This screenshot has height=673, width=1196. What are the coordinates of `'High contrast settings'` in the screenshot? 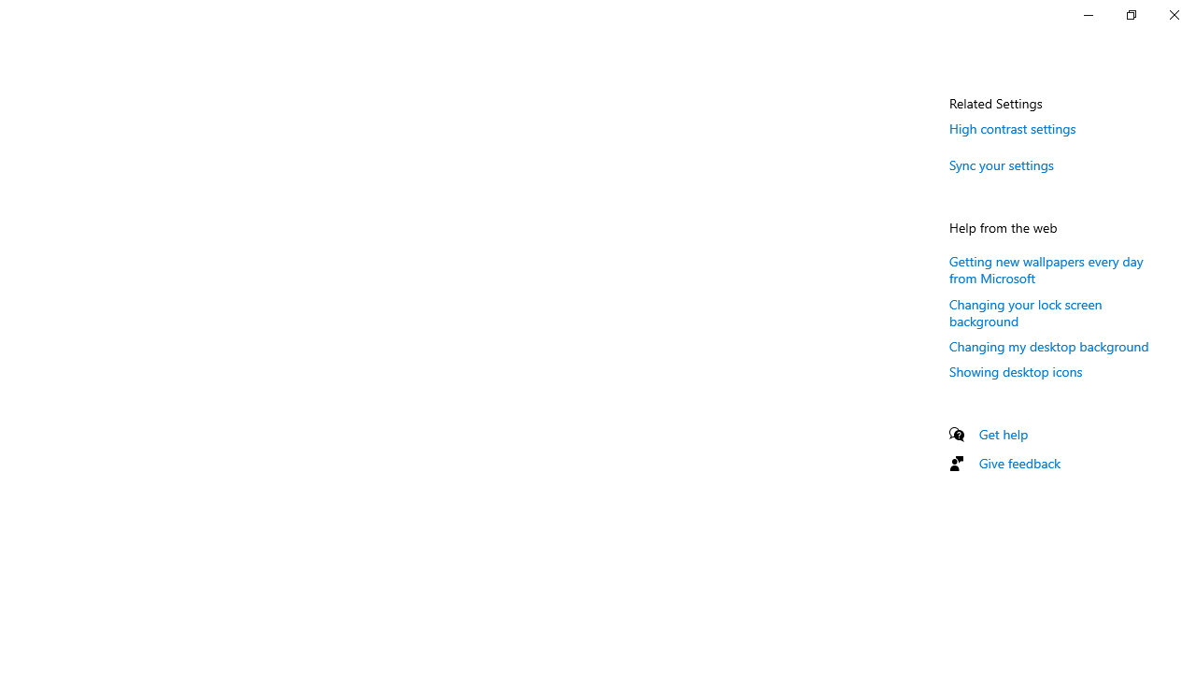 It's located at (1012, 127).